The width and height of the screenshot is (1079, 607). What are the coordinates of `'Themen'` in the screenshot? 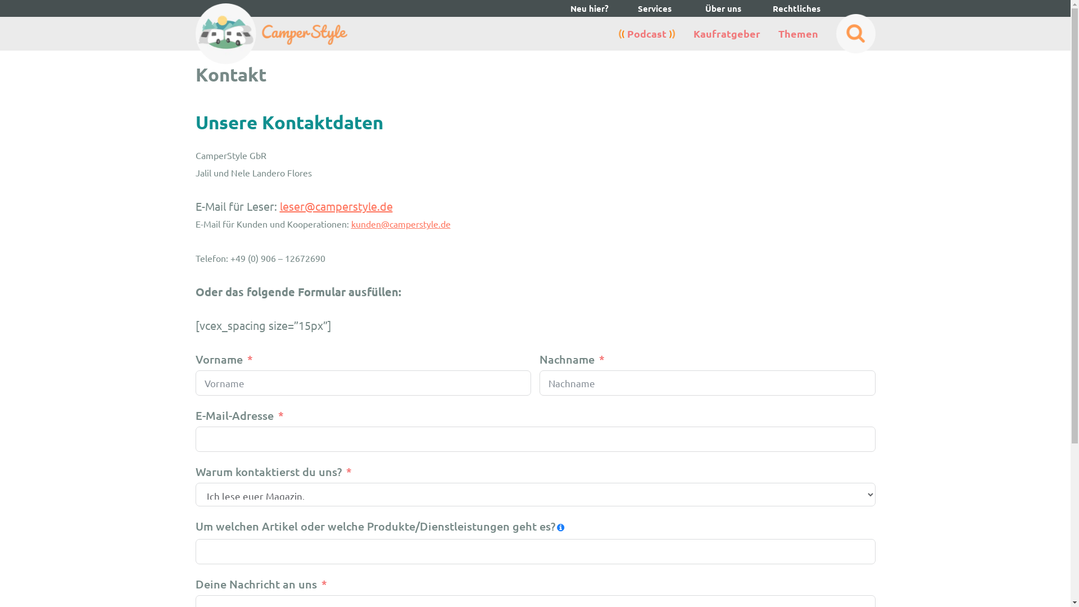 It's located at (797, 33).